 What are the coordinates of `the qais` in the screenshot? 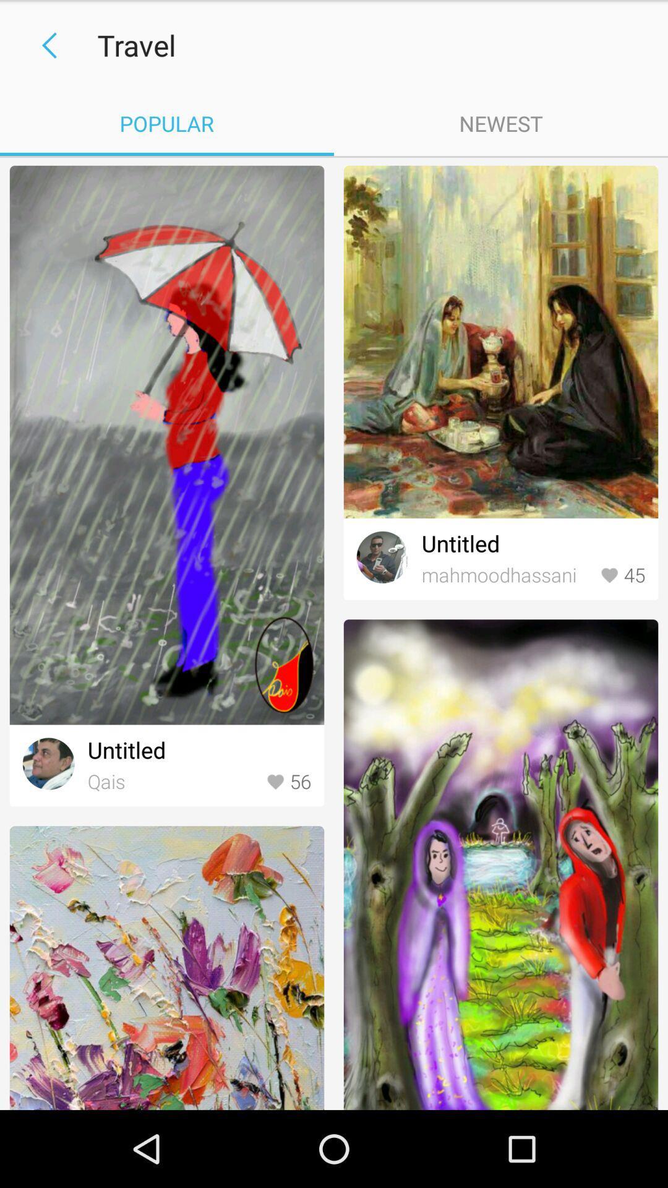 It's located at (174, 781).